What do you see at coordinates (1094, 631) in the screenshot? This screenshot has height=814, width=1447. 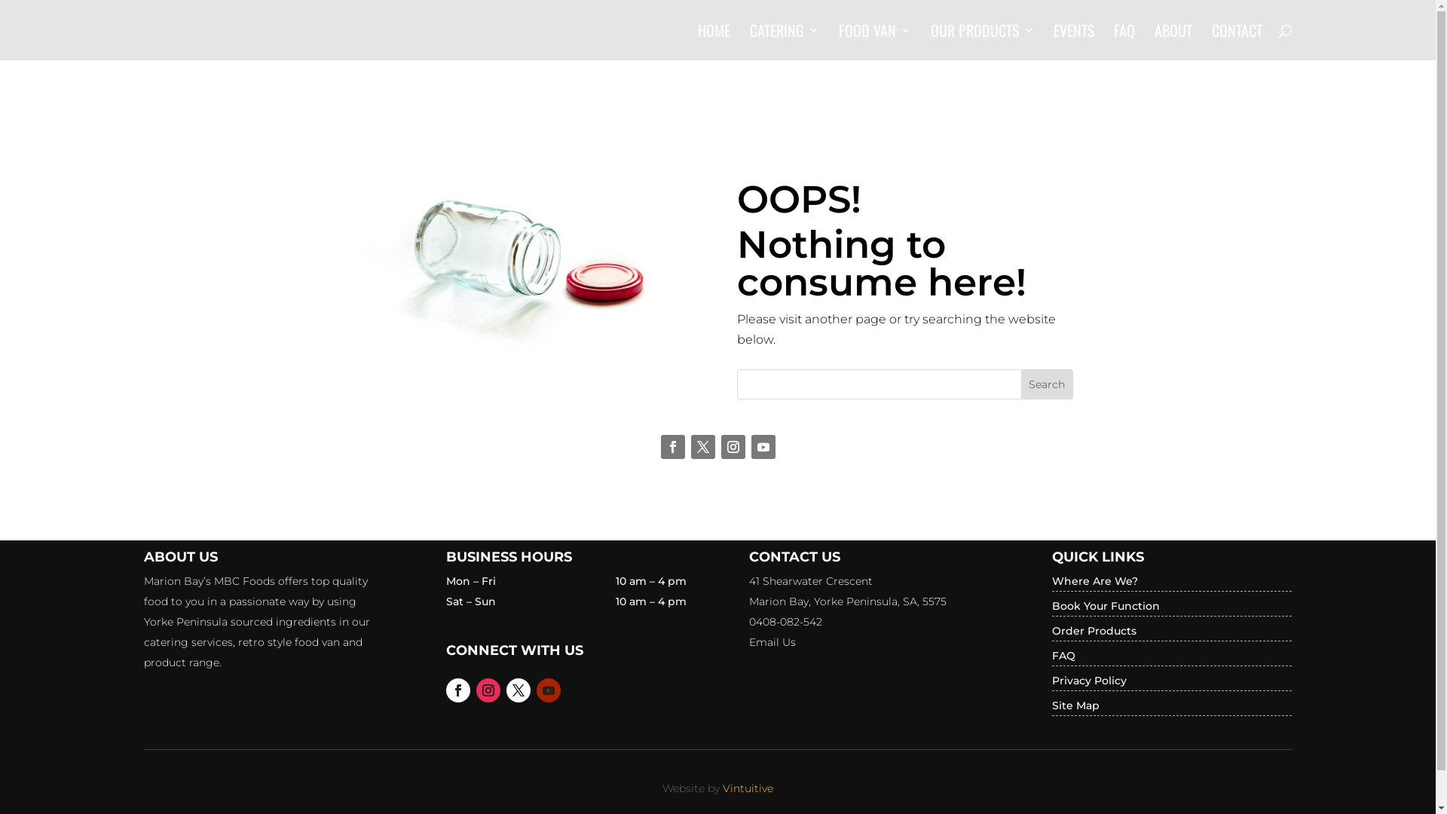 I see `'Order Products'` at bounding box center [1094, 631].